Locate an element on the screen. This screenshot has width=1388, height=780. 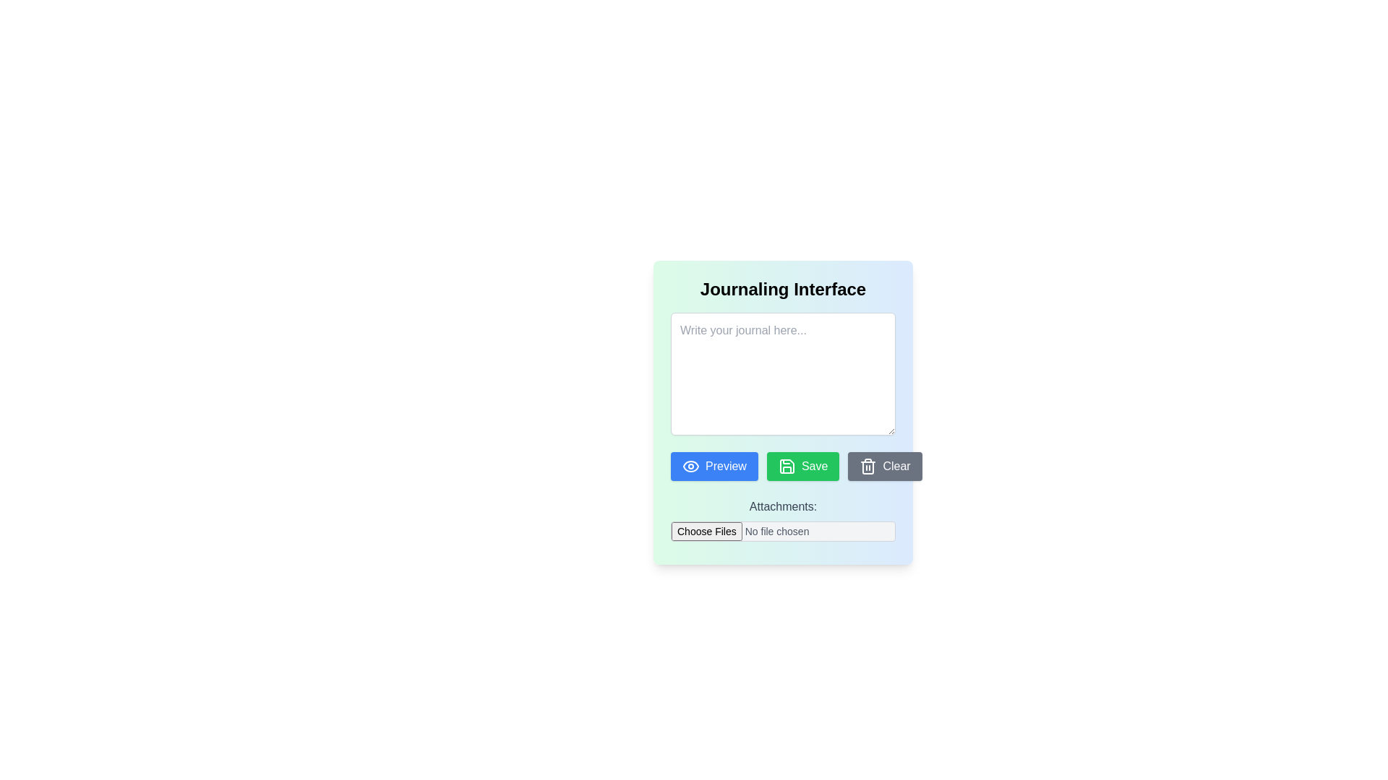
the 'Preview' button, which has a blue background and white text, located to the left of the 'Save' and 'Clear' buttons at the bottom section of the form is located at coordinates (714, 466).